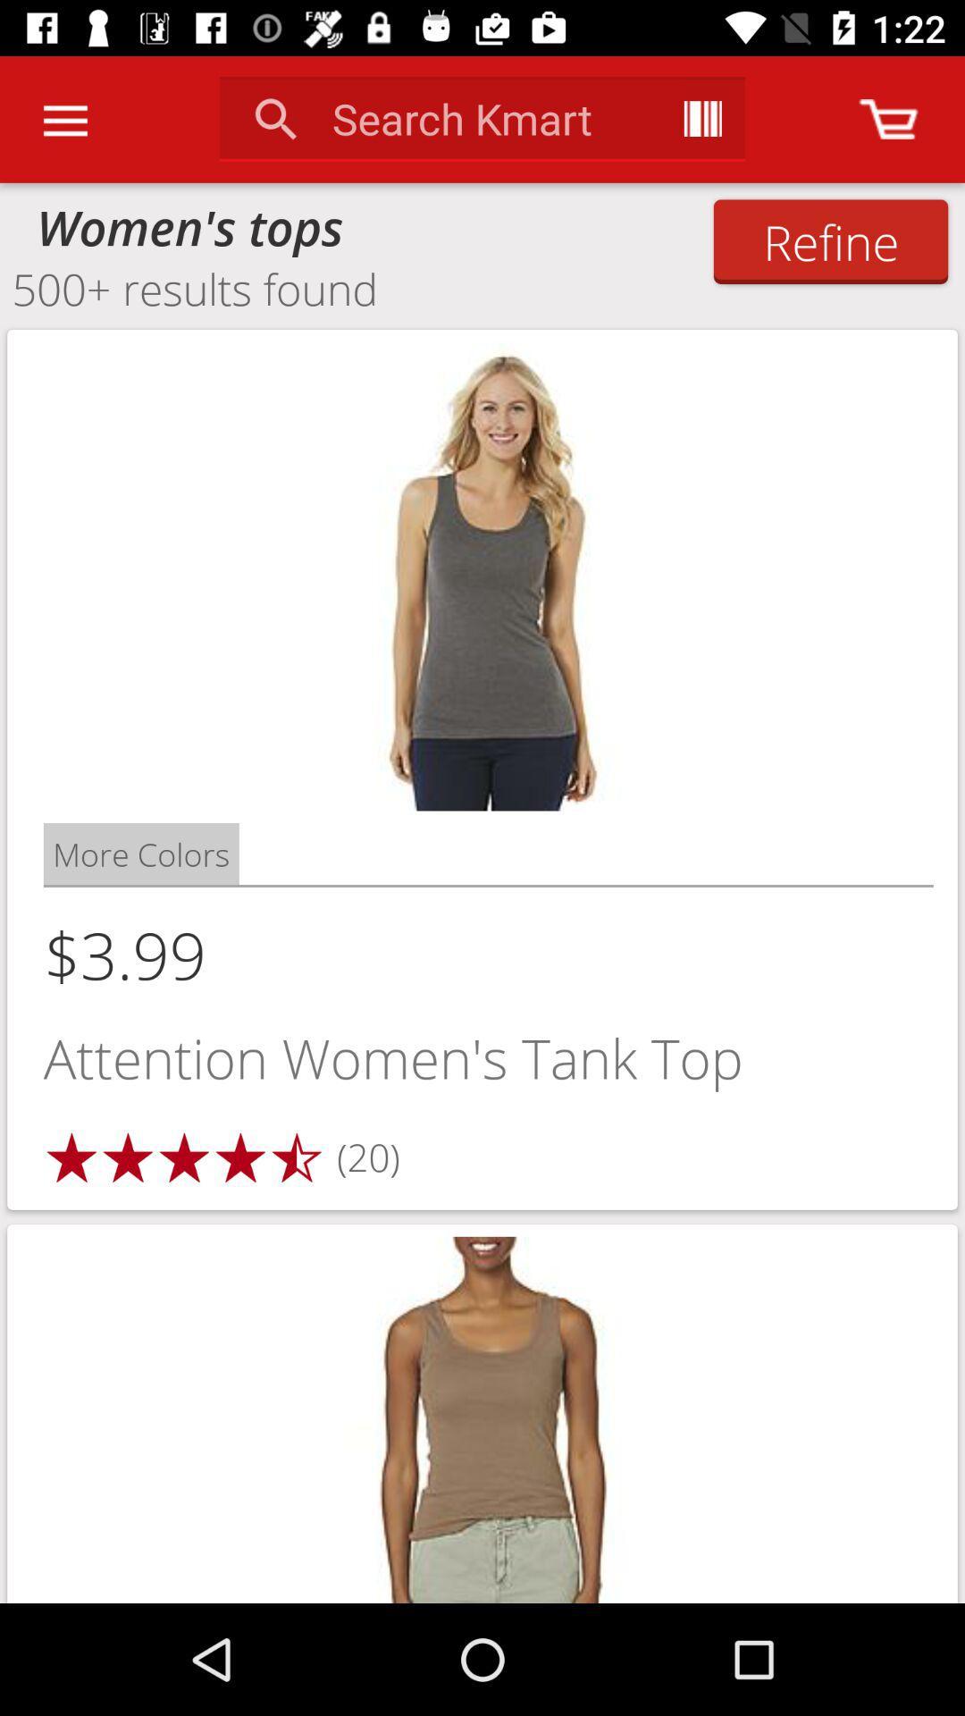 The height and width of the screenshot is (1716, 965). What do you see at coordinates (64, 119) in the screenshot?
I see `the item above the  women's tops icon` at bounding box center [64, 119].